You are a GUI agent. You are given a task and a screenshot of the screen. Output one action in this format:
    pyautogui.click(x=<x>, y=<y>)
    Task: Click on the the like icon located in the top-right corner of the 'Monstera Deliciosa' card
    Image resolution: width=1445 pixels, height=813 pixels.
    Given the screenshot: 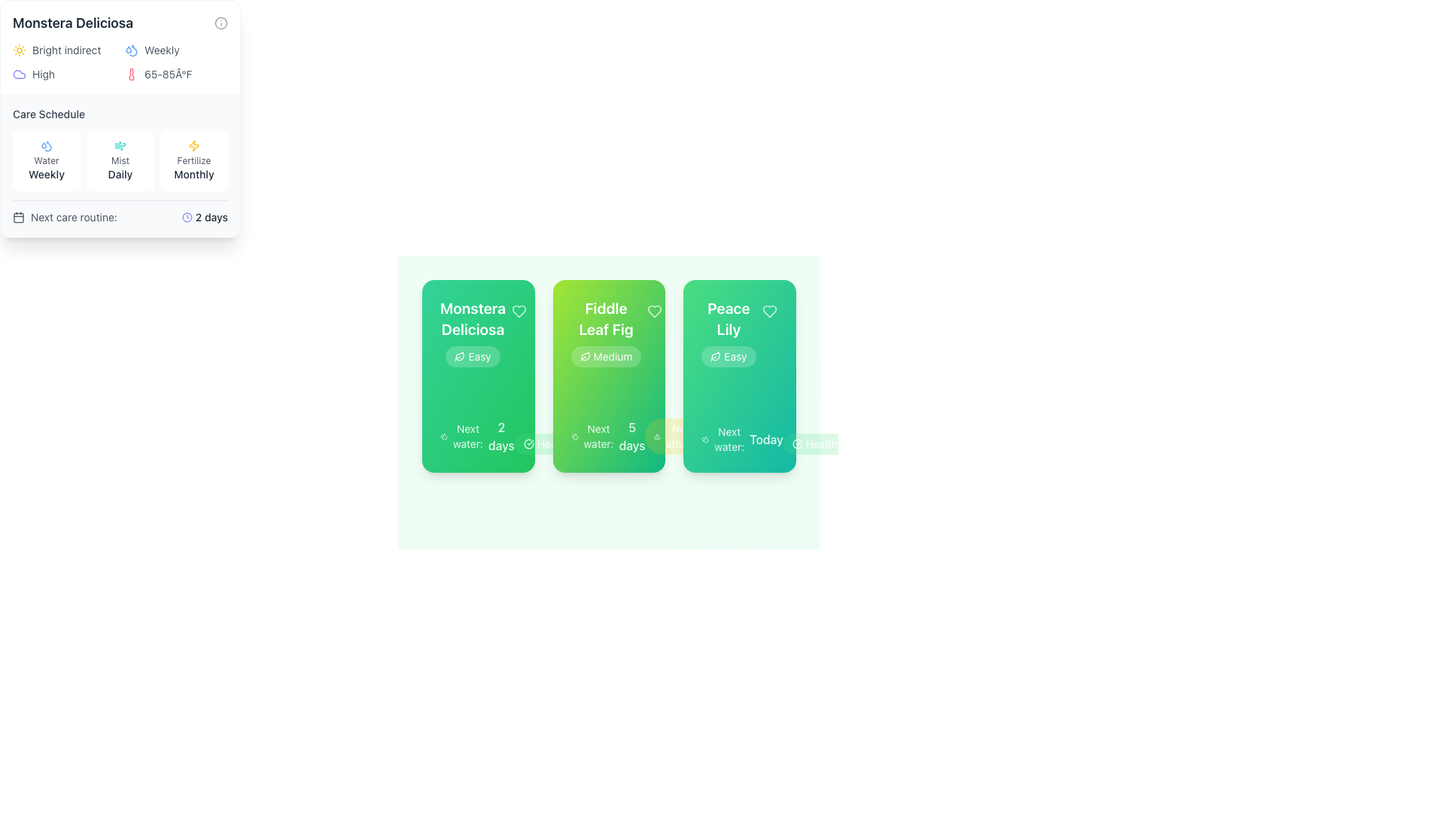 What is the action you would take?
    pyautogui.click(x=519, y=310)
    